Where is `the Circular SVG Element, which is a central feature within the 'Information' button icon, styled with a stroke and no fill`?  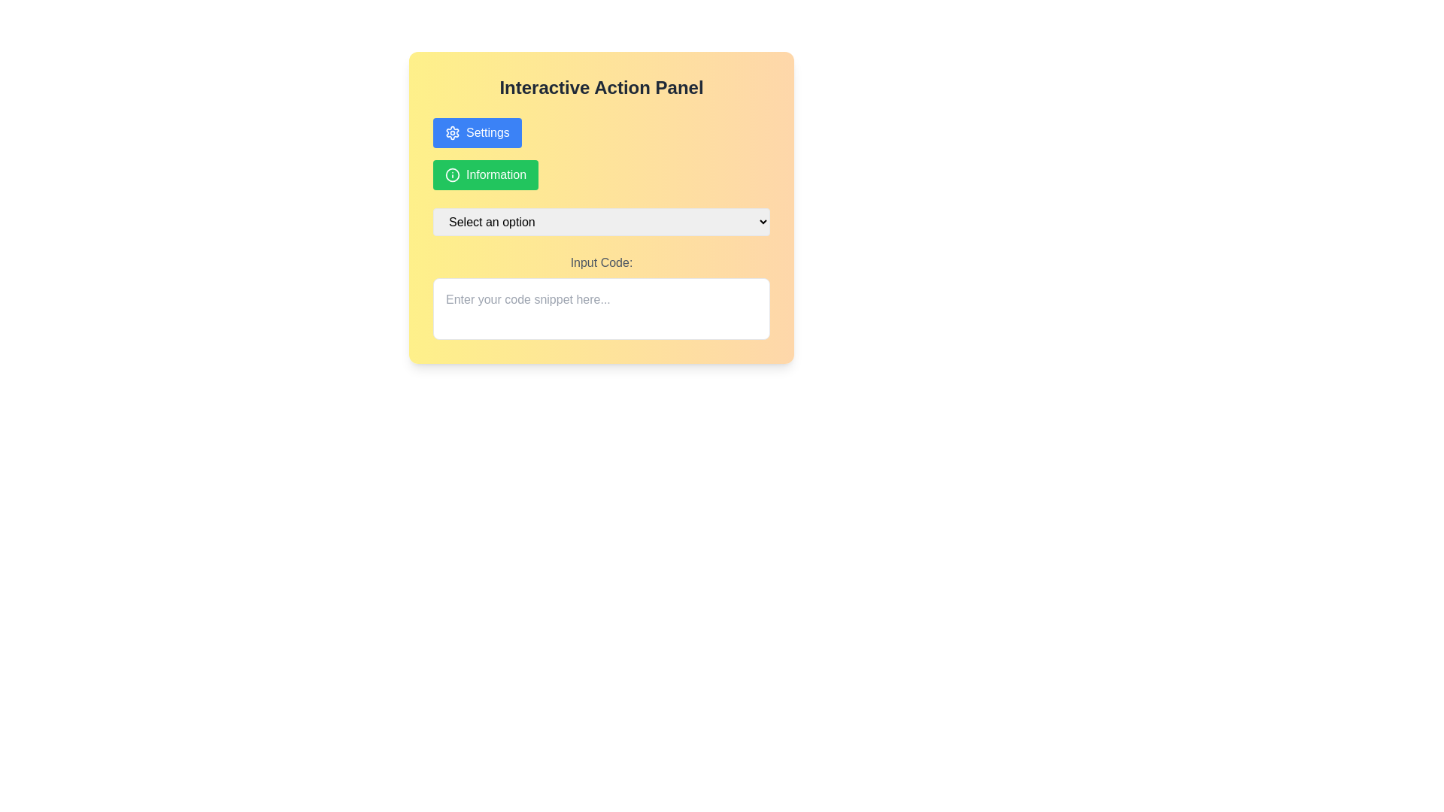
the Circular SVG Element, which is a central feature within the 'Information' button icon, styled with a stroke and no fill is located at coordinates (451, 174).